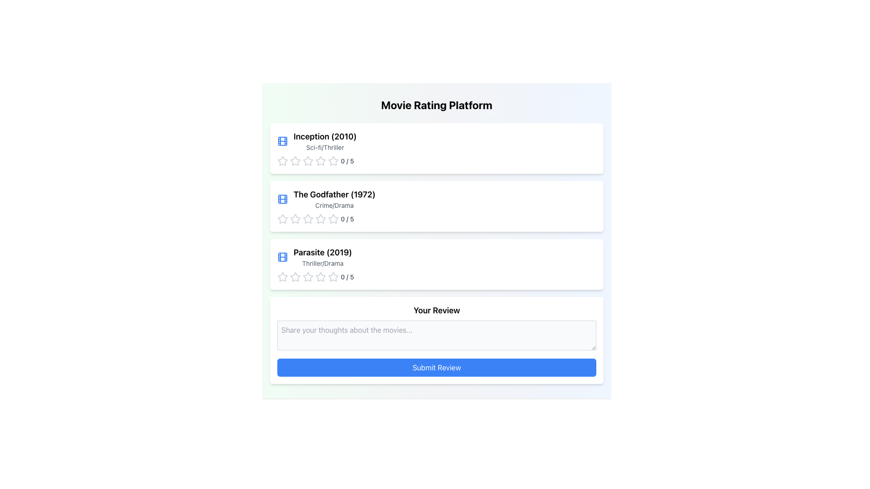 This screenshot has width=870, height=489. What do you see at coordinates (282, 276) in the screenshot?
I see `the first star icon in the rating system under the movie 'Parasite (2019)'` at bounding box center [282, 276].